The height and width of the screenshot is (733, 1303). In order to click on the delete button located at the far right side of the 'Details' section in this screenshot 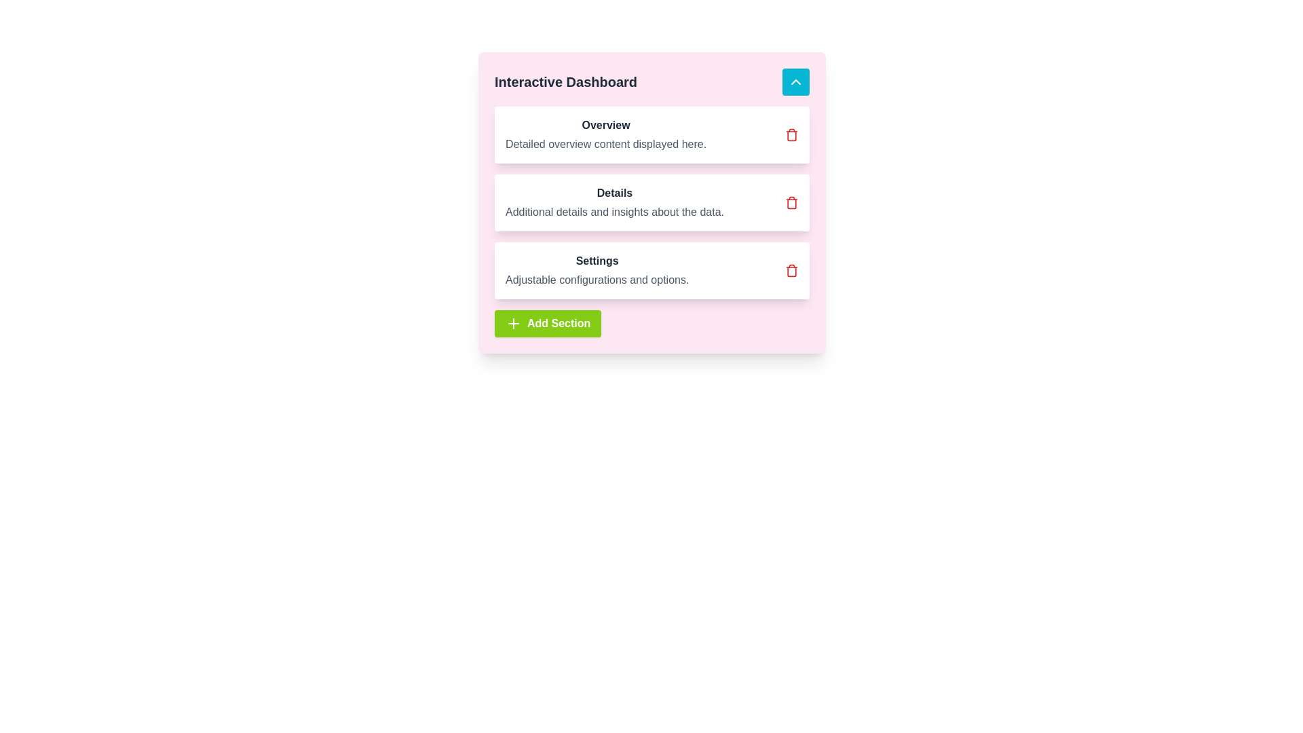, I will do `click(791, 203)`.